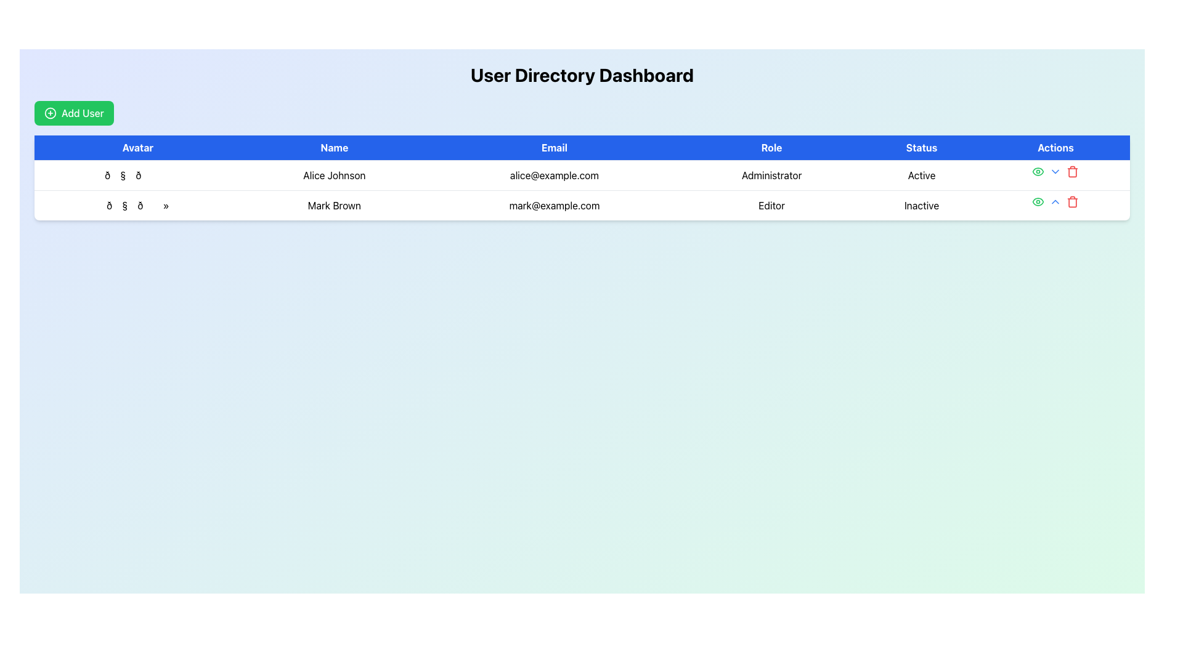 This screenshot has height=665, width=1183. I want to click on the text label displaying 'Editor' in the Role column of the second row for the entry 'Mark Brown', so click(771, 204).